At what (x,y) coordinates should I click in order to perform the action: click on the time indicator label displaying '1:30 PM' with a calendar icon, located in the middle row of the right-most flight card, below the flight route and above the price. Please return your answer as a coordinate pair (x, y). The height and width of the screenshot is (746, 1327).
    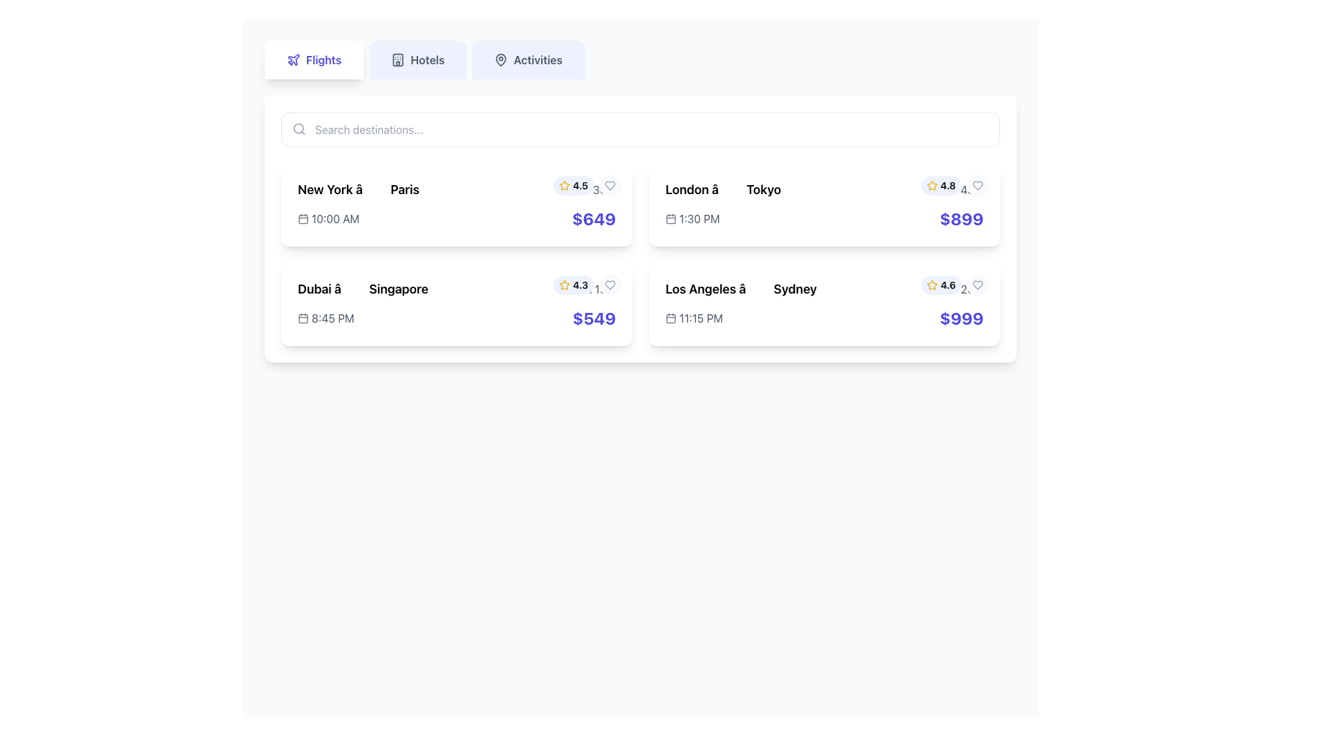
    Looking at the image, I should click on (693, 218).